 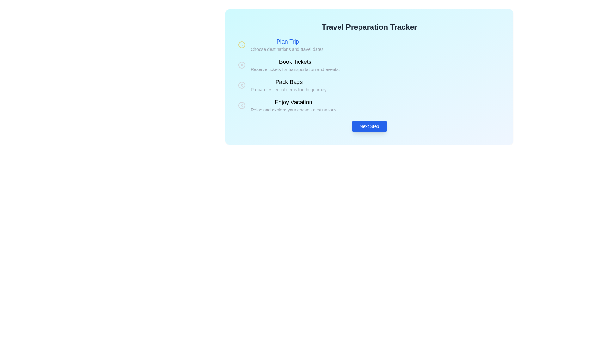 What do you see at coordinates (241, 85) in the screenshot?
I see `the circular icon next to the 'Pack Bags' text in the 'Travel Preparation Tracker' list, which indicates the status or selection for this step` at bounding box center [241, 85].